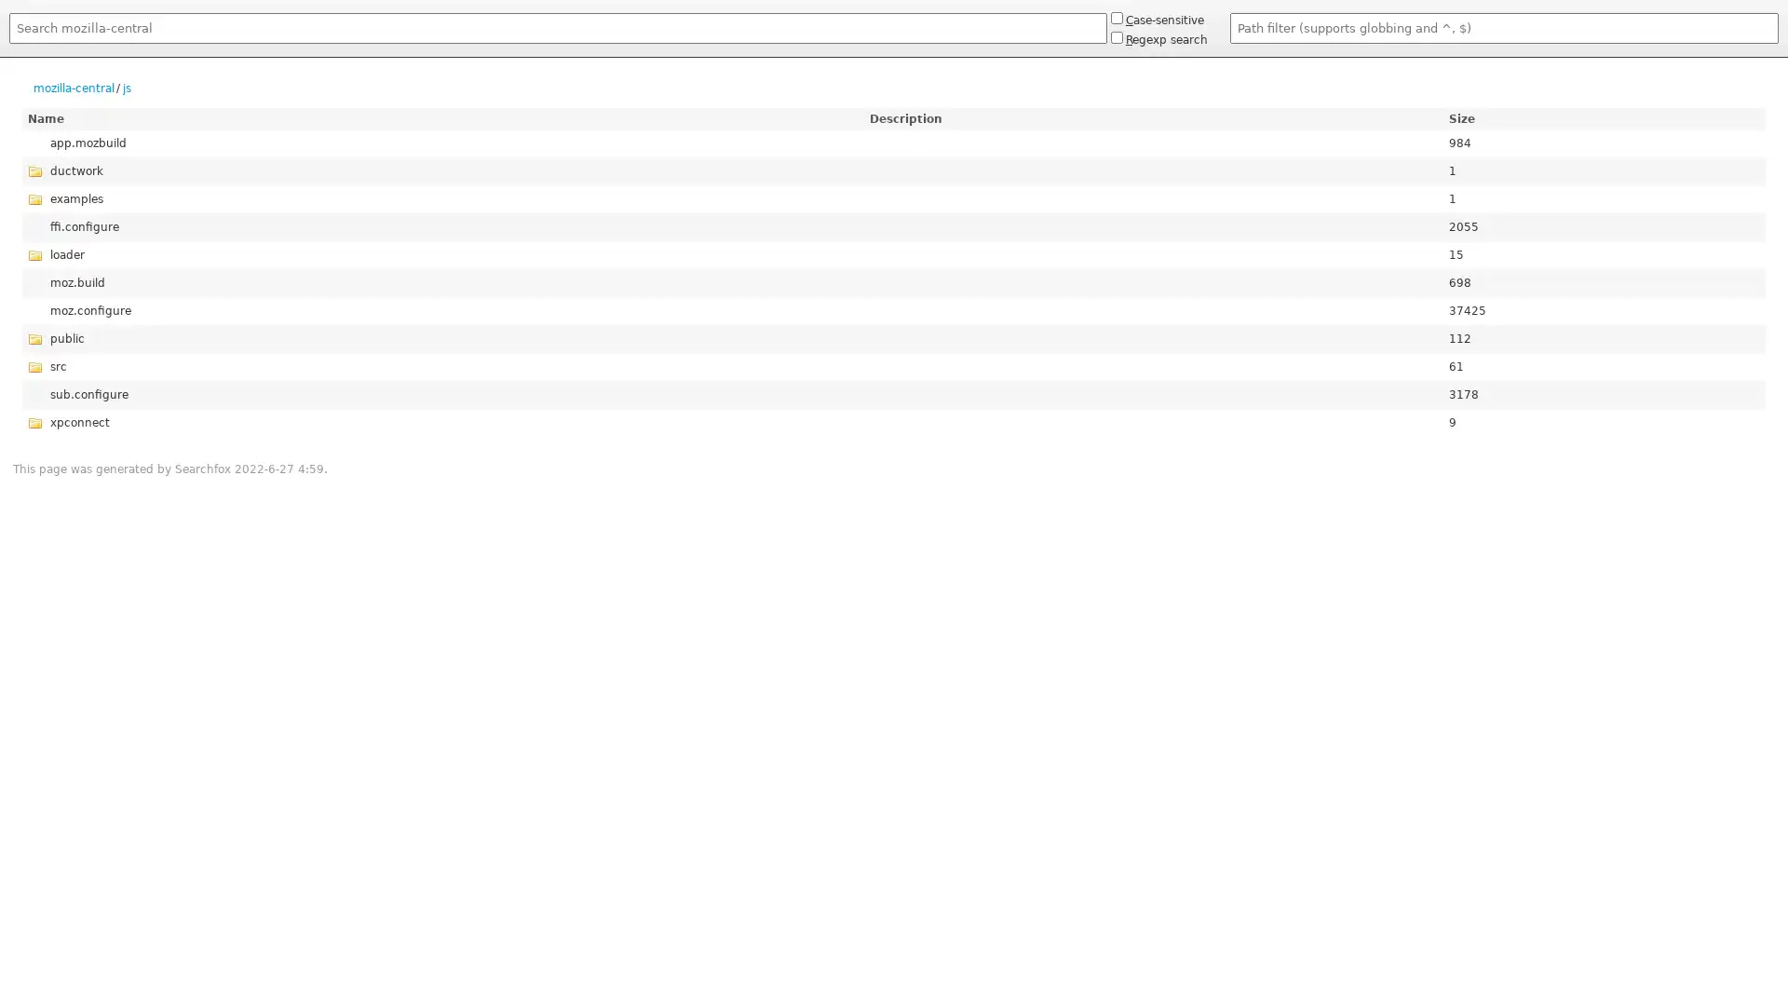  I want to click on Search, so click(8, 47).